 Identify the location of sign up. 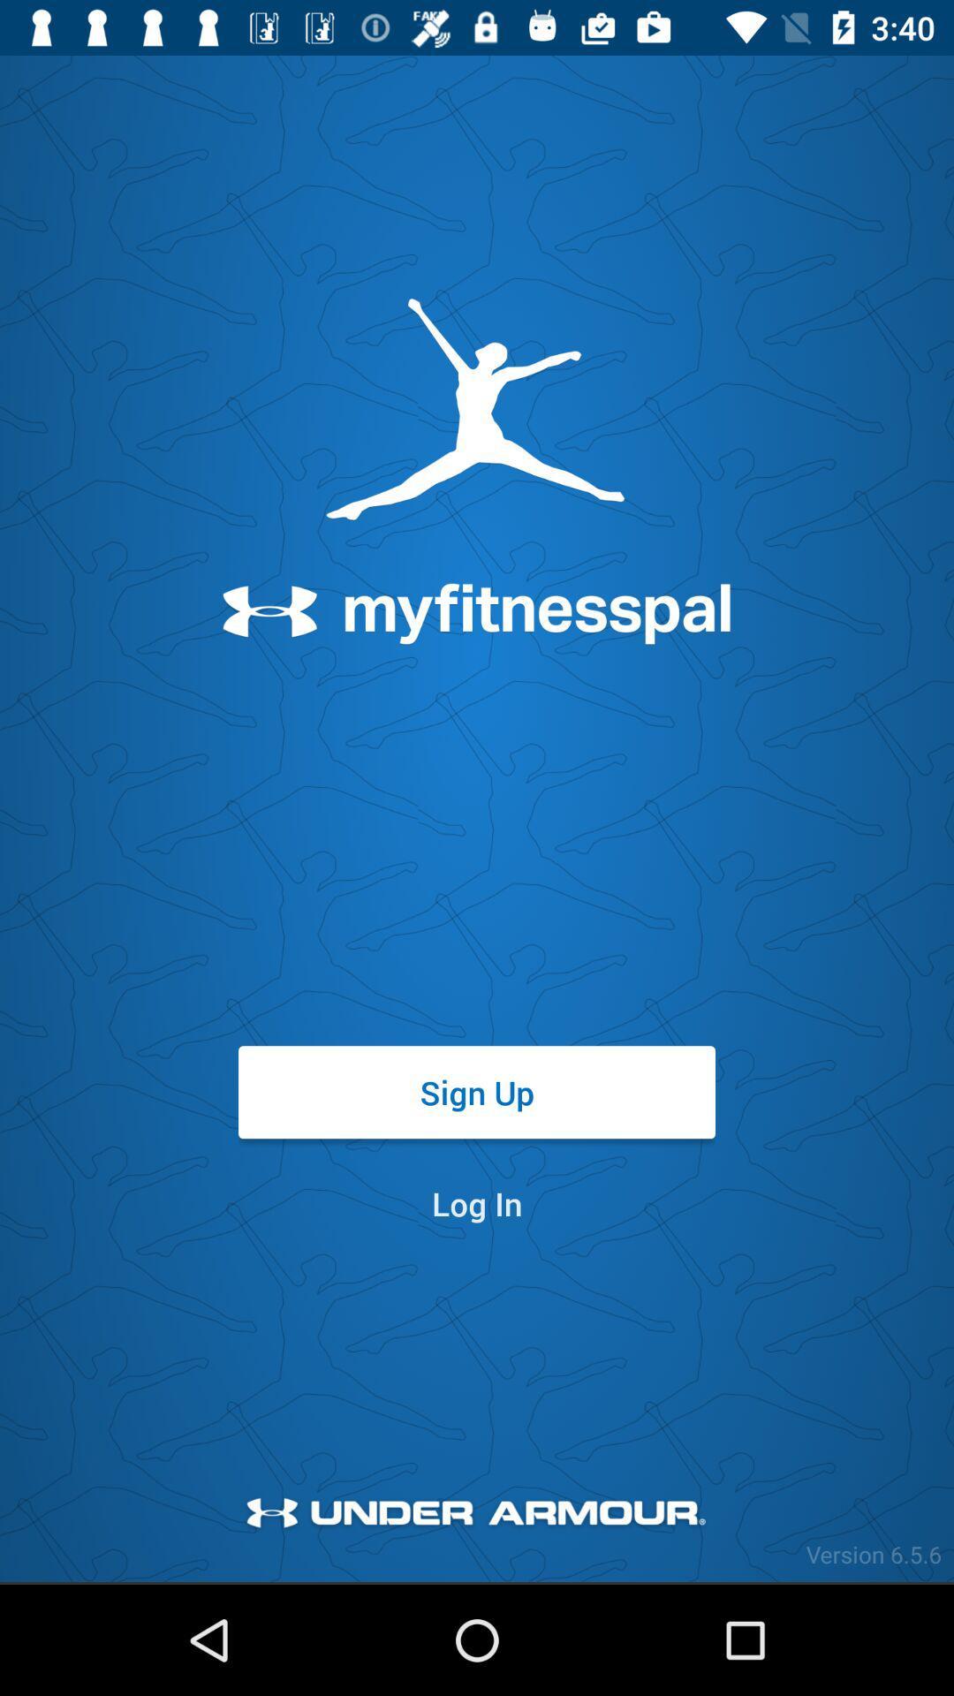
(477, 1091).